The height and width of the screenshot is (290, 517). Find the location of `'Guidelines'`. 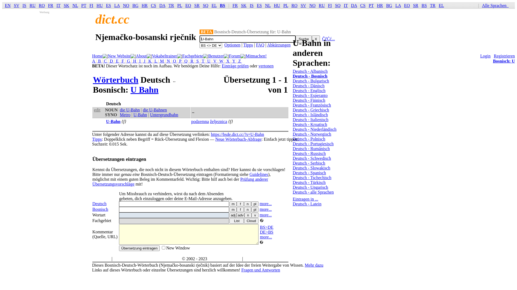

'Guidelines' is located at coordinates (249, 174).